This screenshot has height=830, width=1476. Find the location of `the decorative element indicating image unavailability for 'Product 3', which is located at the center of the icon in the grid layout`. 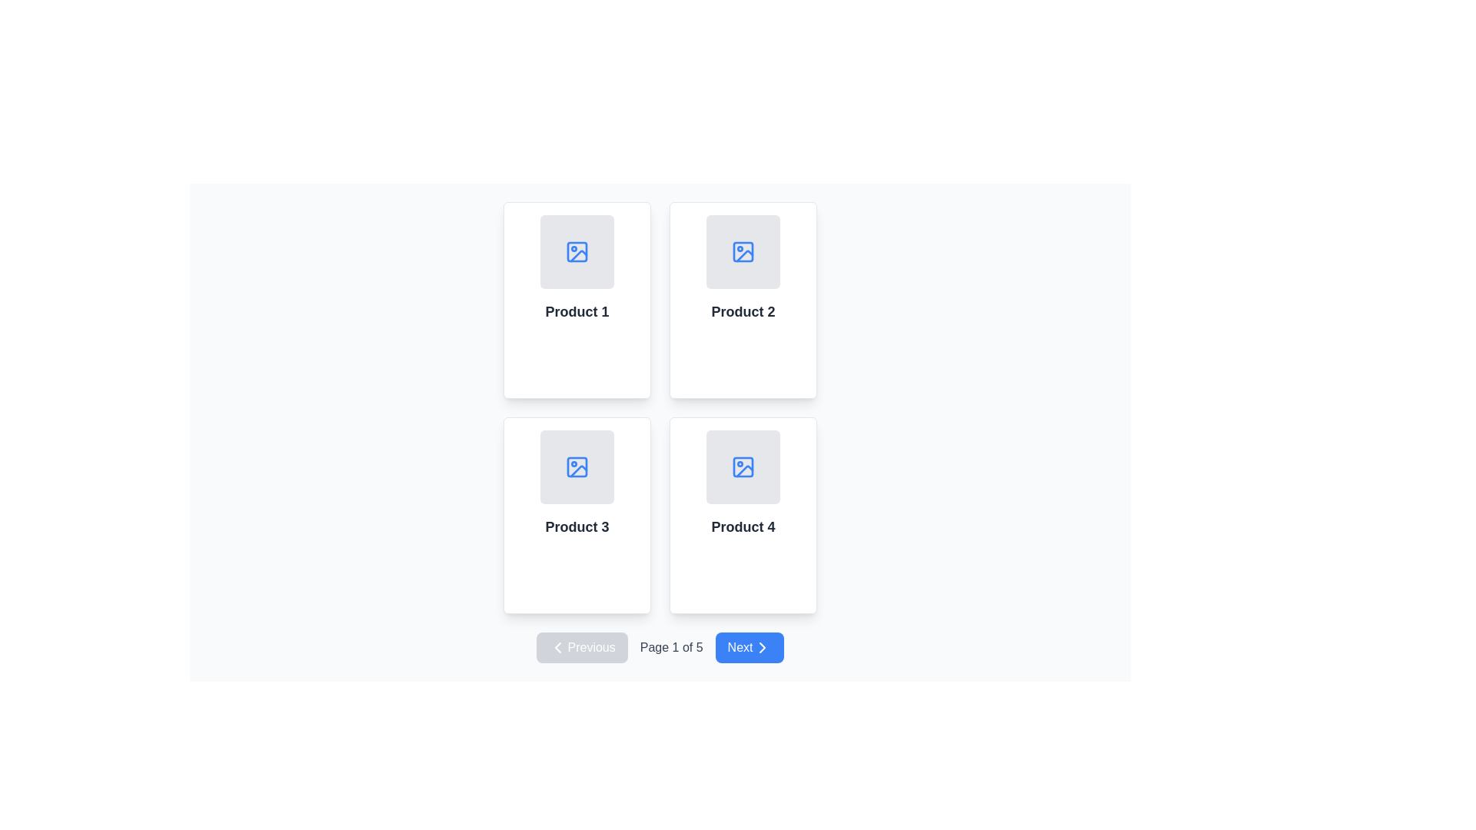

the decorative element indicating image unavailability for 'Product 3', which is located at the center of the icon in the grid layout is located at coordinates (576, 466).